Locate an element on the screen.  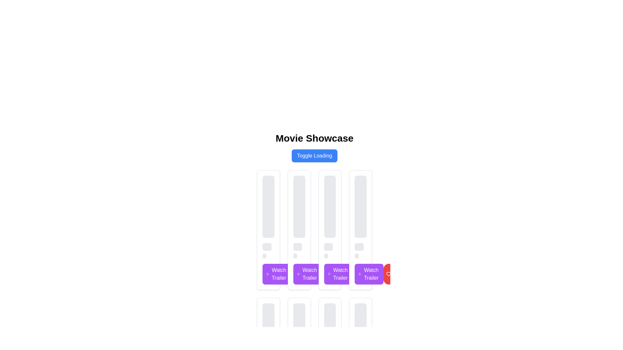
the first card in the horizontal list represented by a Placeholder component, which consists of a large rectangular block at the top and two smaller blocks below in a column layout is located at coordinates (268, 217).